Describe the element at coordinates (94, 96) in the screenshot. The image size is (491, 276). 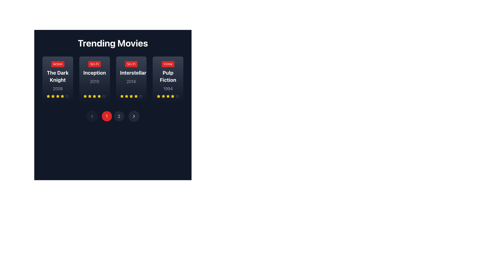
I see `the fourth star icon representing the rating for the movie 'Inception' (2010)` at that location.